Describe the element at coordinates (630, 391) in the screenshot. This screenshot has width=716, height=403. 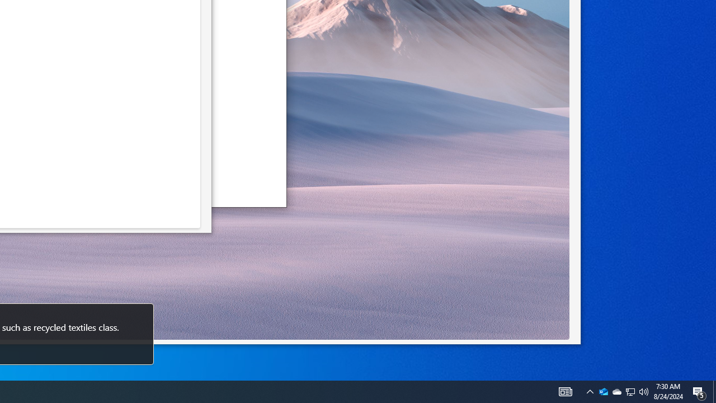
I see `'User Promoted Notification Area'` at that location.